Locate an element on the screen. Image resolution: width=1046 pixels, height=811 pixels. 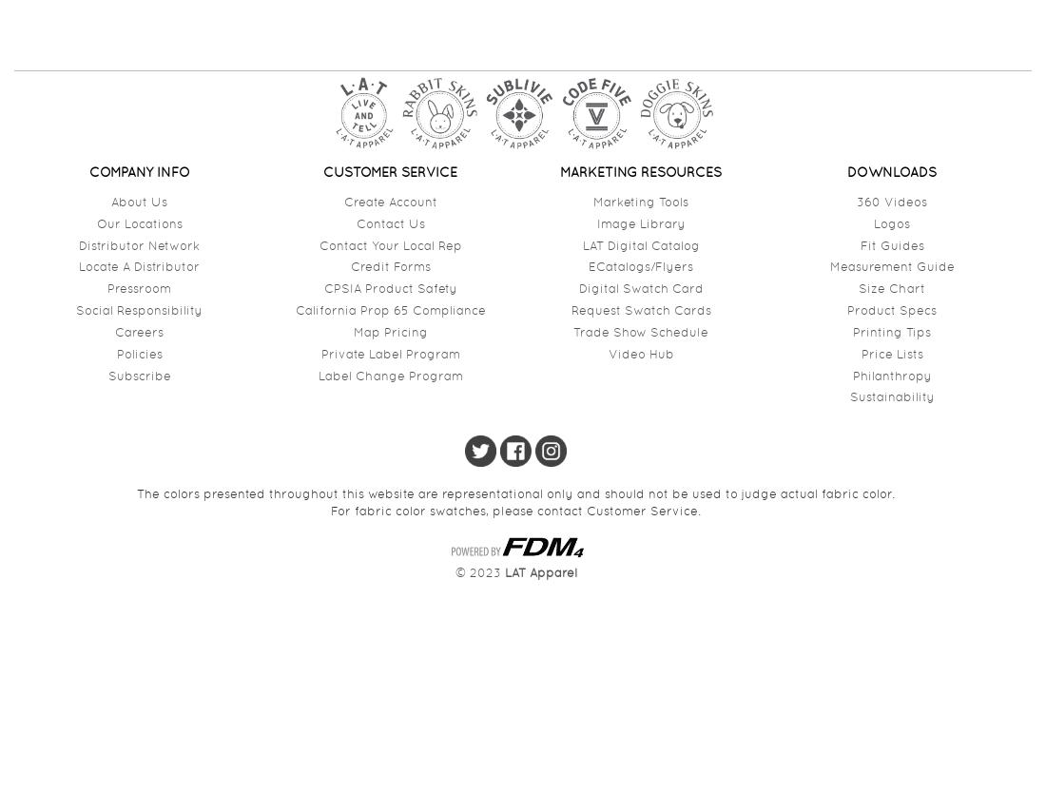
'Social Responsibility' is located at coordinates (75, 310).